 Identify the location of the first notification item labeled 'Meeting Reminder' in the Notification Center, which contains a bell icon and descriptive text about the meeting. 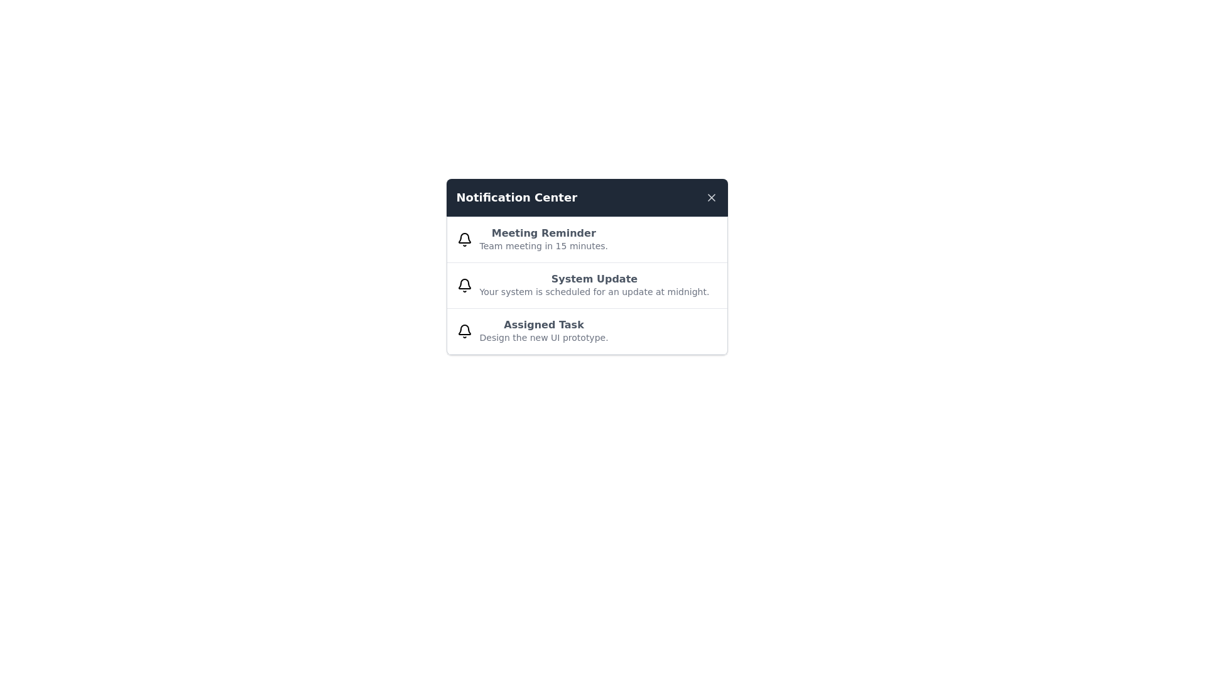
(586, 240).